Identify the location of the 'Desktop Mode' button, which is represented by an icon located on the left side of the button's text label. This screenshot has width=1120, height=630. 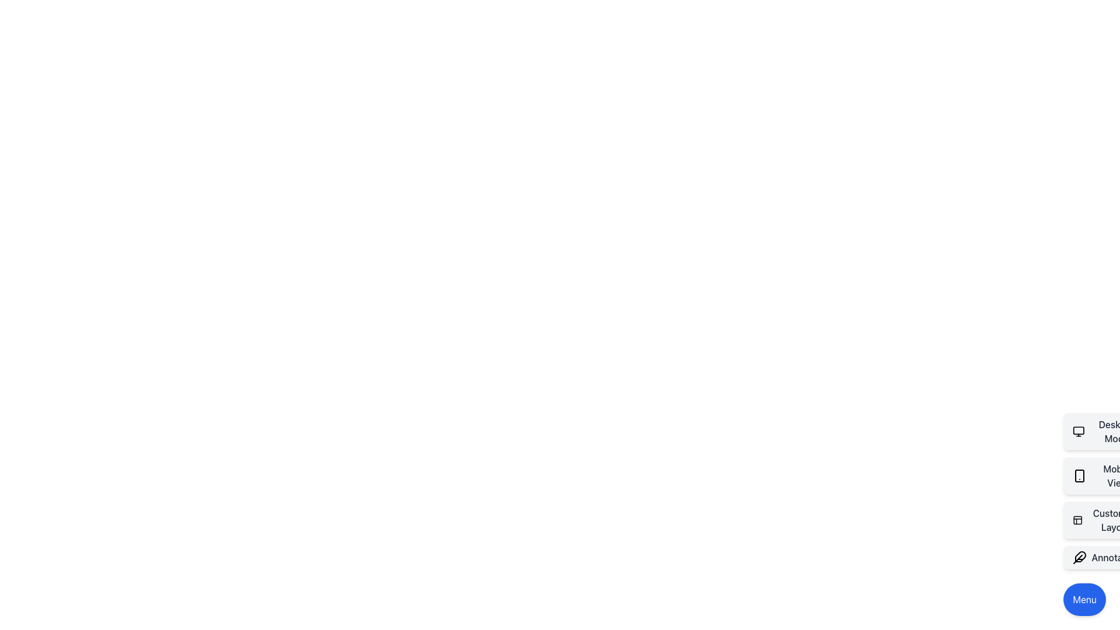
(1078, 432).